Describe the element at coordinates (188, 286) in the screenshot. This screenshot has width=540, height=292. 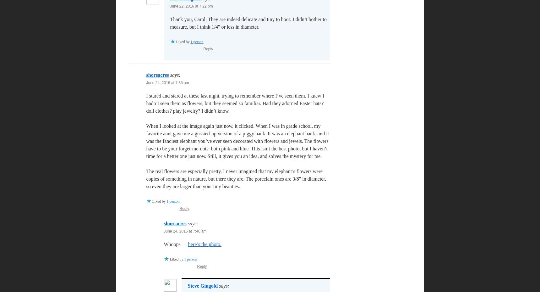
I see `'Steve Gingold'` at that location.